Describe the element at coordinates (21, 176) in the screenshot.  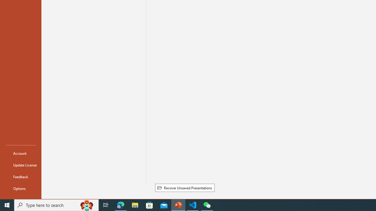
I see `'Feedback'` at that location.